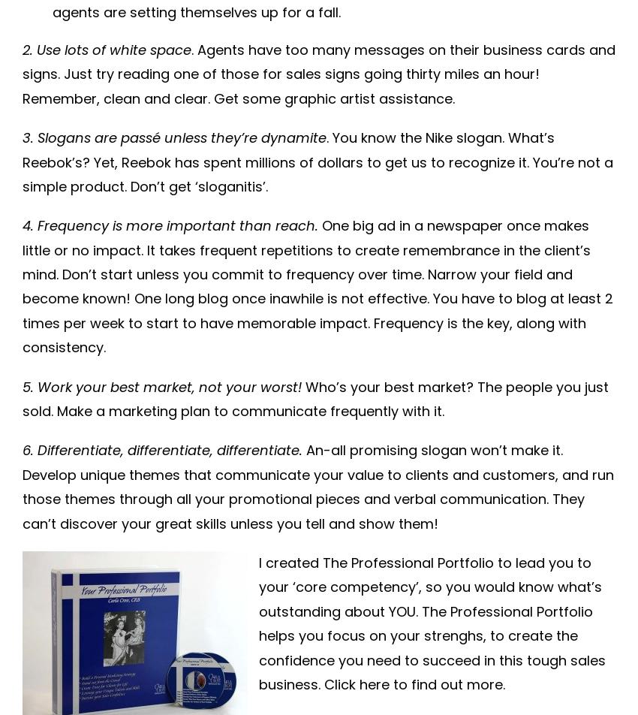  Describe the element at coordinates (173, 137) in the screenshot. I see `'3. Slogans are passé unless they’re dynamite'` at that location.